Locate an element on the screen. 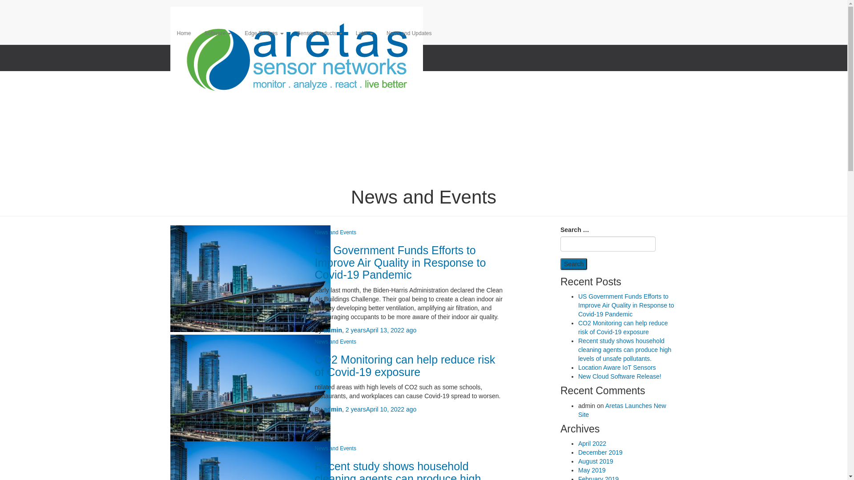 Image resolution: width=854 pixels, height=480 pixels. 'May 2019' is located at coordinates (592, 469).